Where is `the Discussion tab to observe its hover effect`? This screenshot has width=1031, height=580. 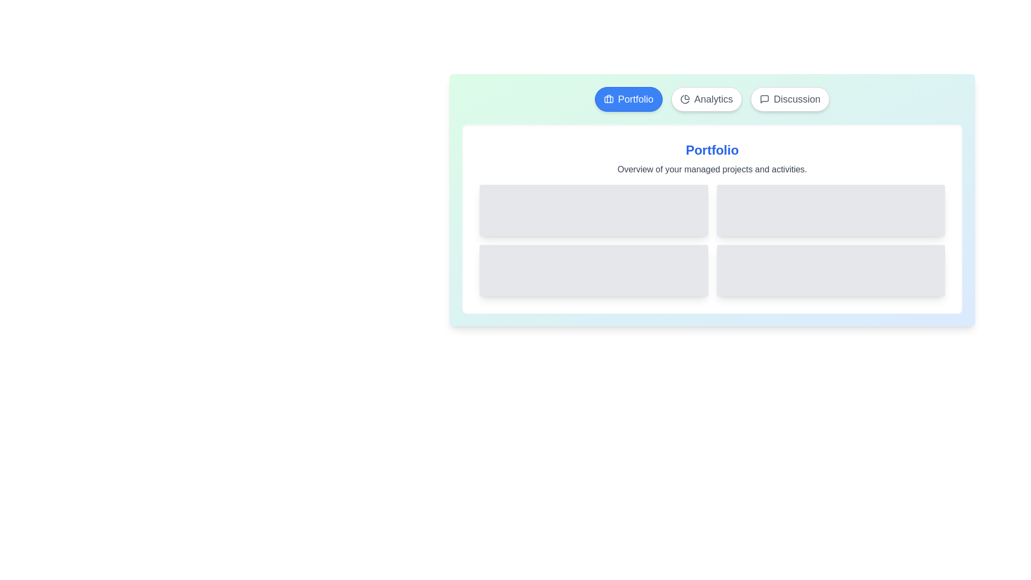 the Discussion tab to observe its hover effect is located at coordinates (790, 99).